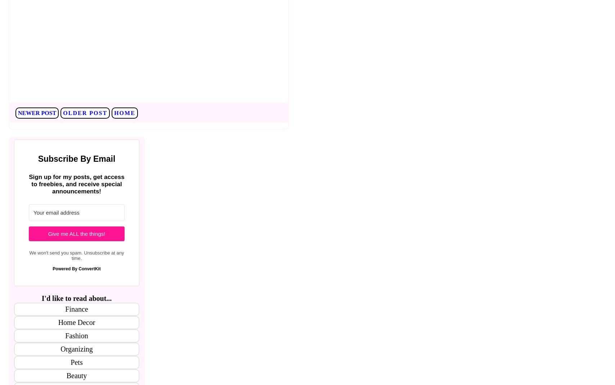 The width and height of the screenshot is (615, 385). I want to click on 'Powered By ConvertKit', so click(76, 269).